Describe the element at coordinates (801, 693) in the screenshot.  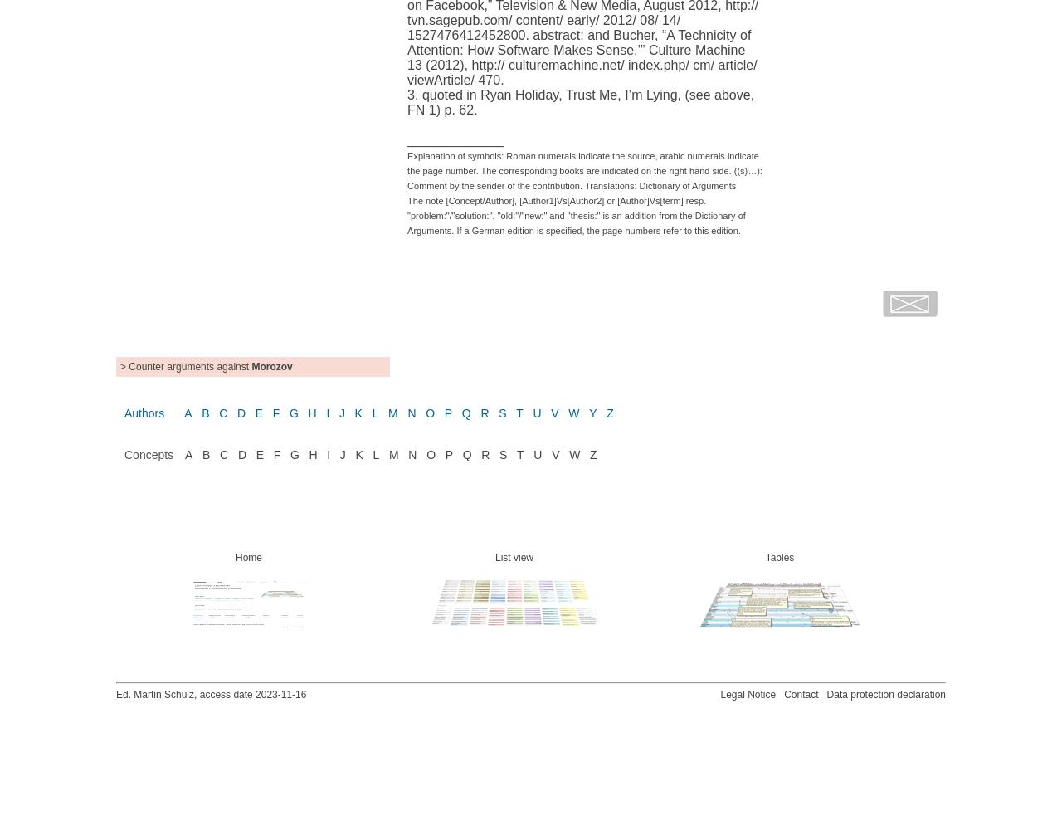
I see `'Contact'` at that location.